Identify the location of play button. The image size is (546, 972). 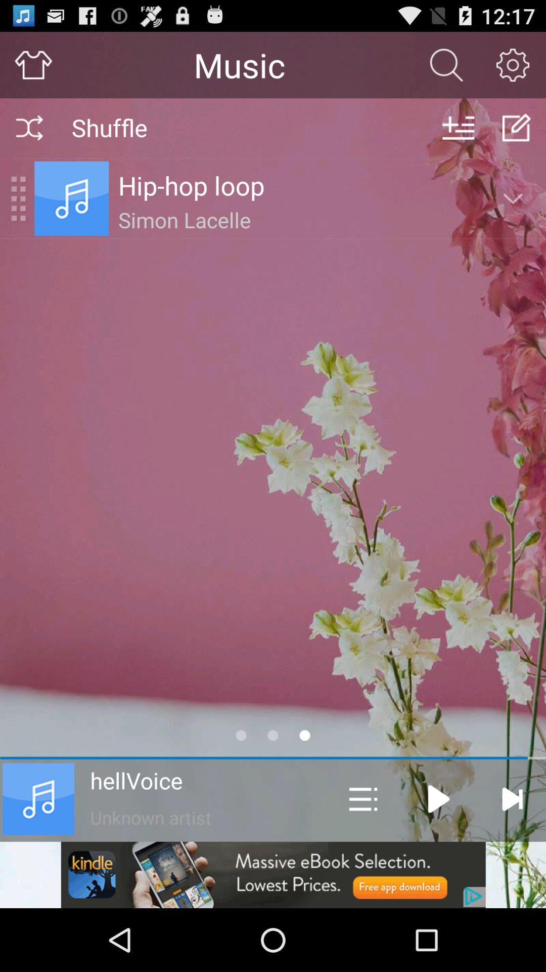
(438, 798).